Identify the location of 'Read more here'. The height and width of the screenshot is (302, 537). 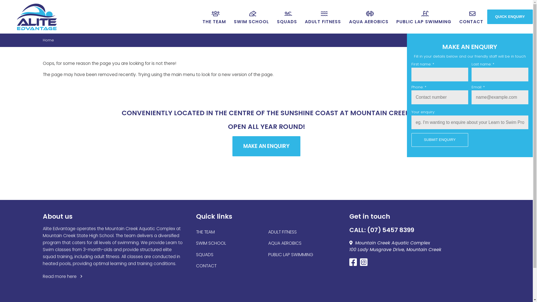
(63, 276).